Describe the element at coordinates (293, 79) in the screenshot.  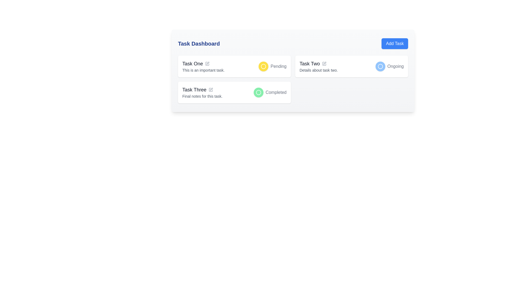
I see `the status indicators within the task overview section, which is located centrally below the task dashboard title and spans two columns` at that location.